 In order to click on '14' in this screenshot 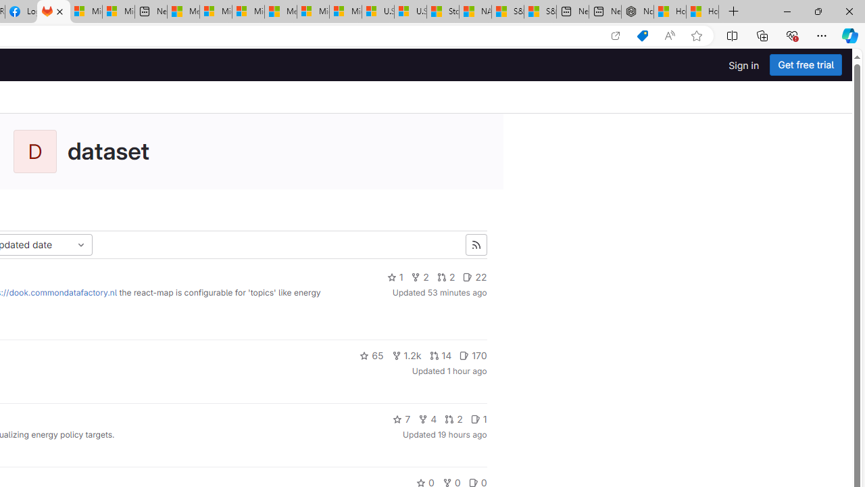, I will do `click(441, 354)`.